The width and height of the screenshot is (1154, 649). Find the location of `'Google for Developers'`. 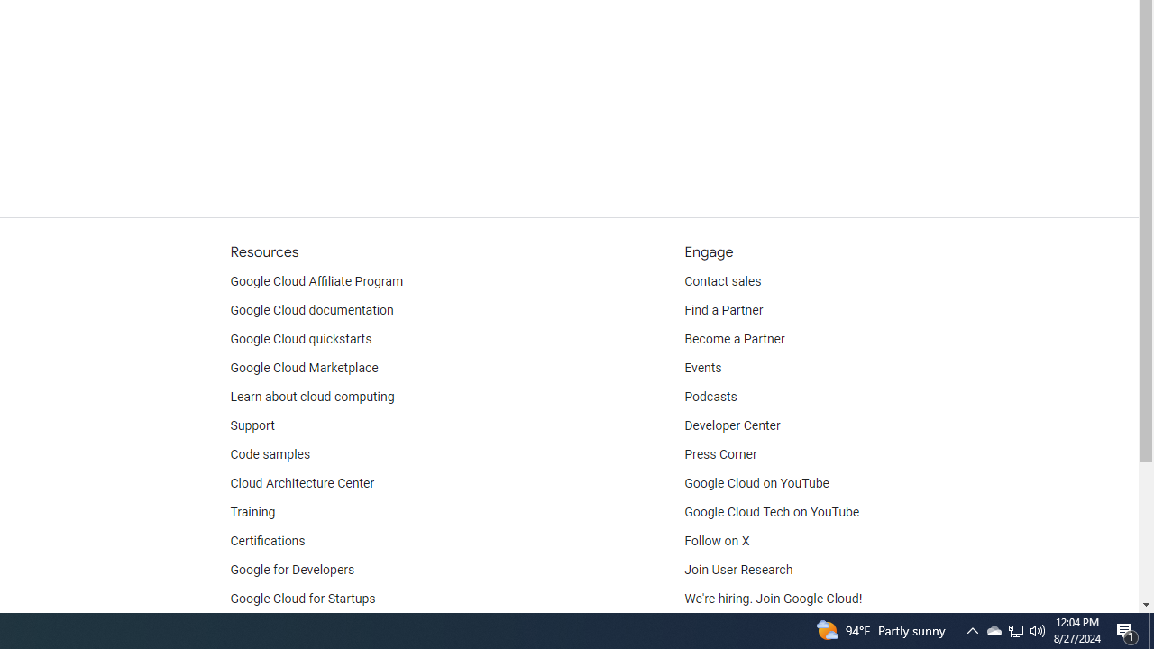

'Google for Developers' is located at coordinates (292, 570).